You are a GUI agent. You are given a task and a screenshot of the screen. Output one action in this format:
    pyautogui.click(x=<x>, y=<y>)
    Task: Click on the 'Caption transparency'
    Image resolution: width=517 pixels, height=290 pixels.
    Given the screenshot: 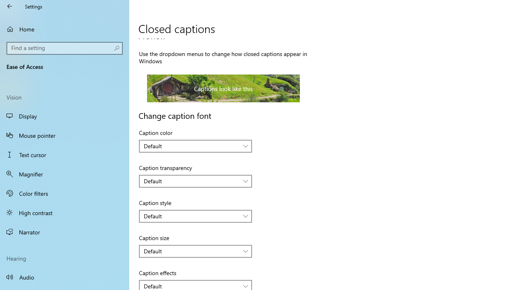 What is the action you would take?
    pyautogui.click(x=195, y=181)
    